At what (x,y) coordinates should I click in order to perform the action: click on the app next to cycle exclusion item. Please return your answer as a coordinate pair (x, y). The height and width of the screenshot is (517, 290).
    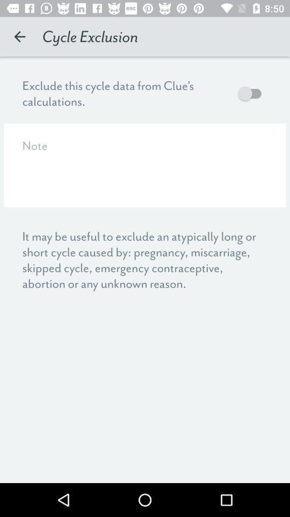
    Looking at the image, I should click on (19, 37).